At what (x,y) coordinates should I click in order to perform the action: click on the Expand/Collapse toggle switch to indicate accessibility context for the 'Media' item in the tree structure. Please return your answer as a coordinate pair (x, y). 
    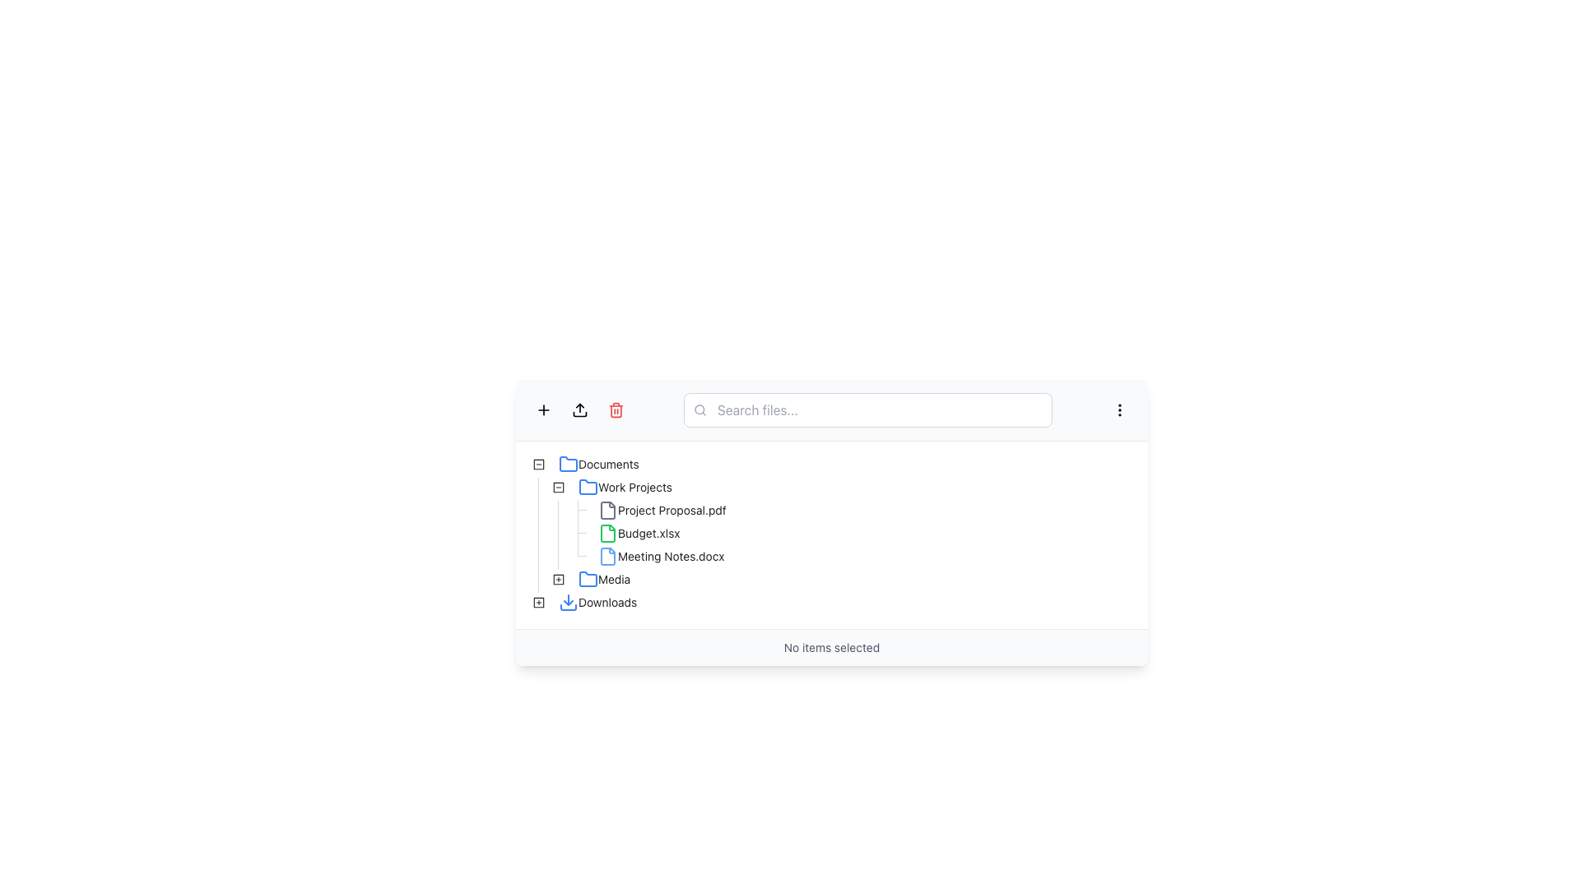
    Looking at the image, I should click on (558, 579).